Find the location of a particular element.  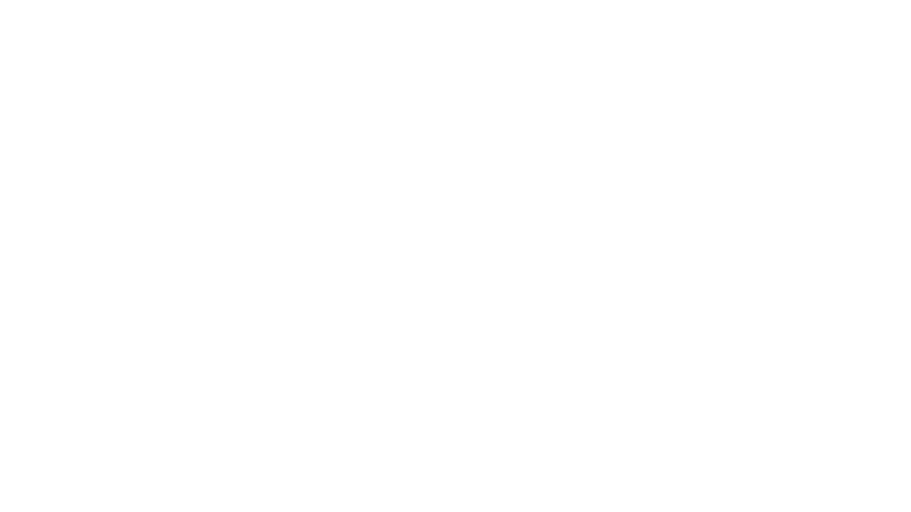

Swap origin and destination is located at coordinates (331, 316).